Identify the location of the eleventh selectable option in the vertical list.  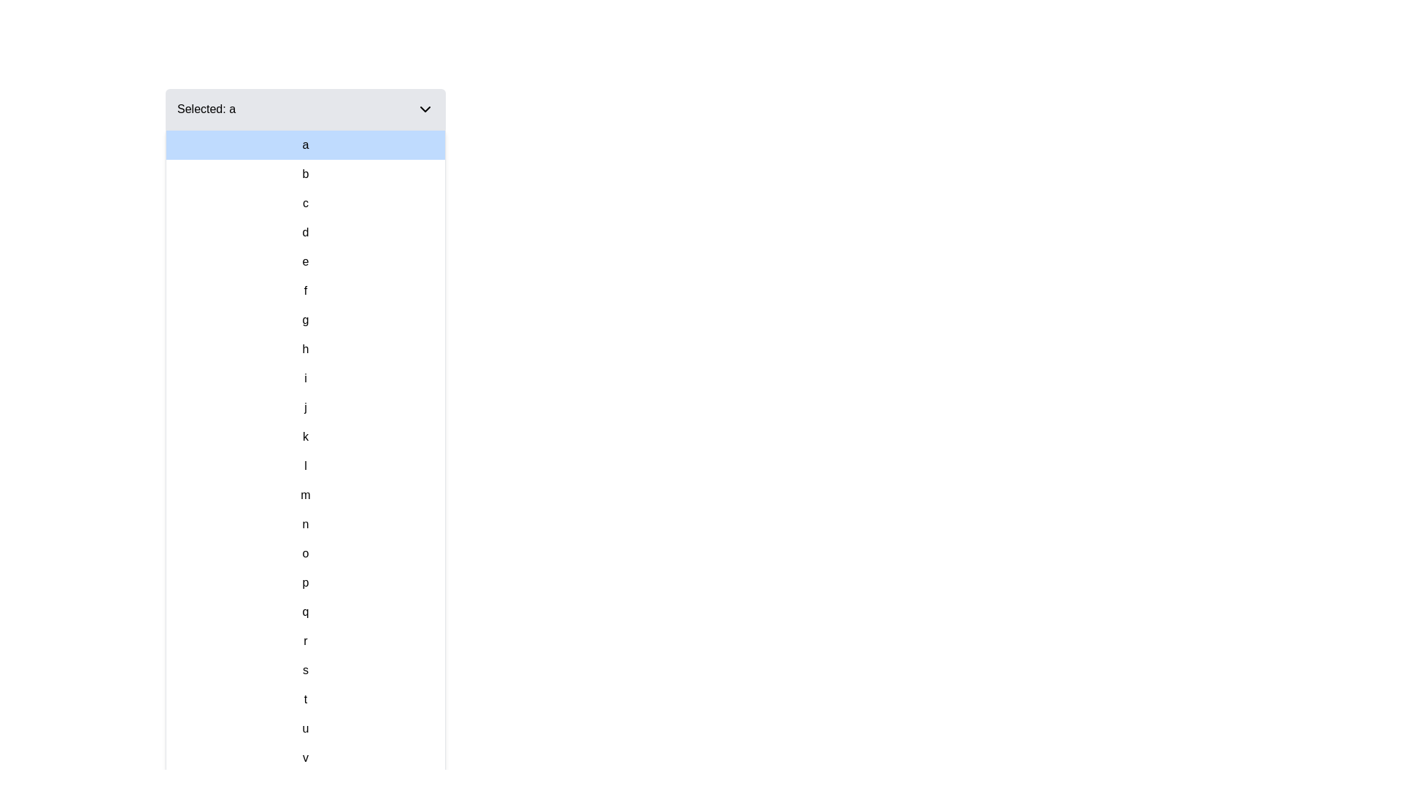
(304, 436).